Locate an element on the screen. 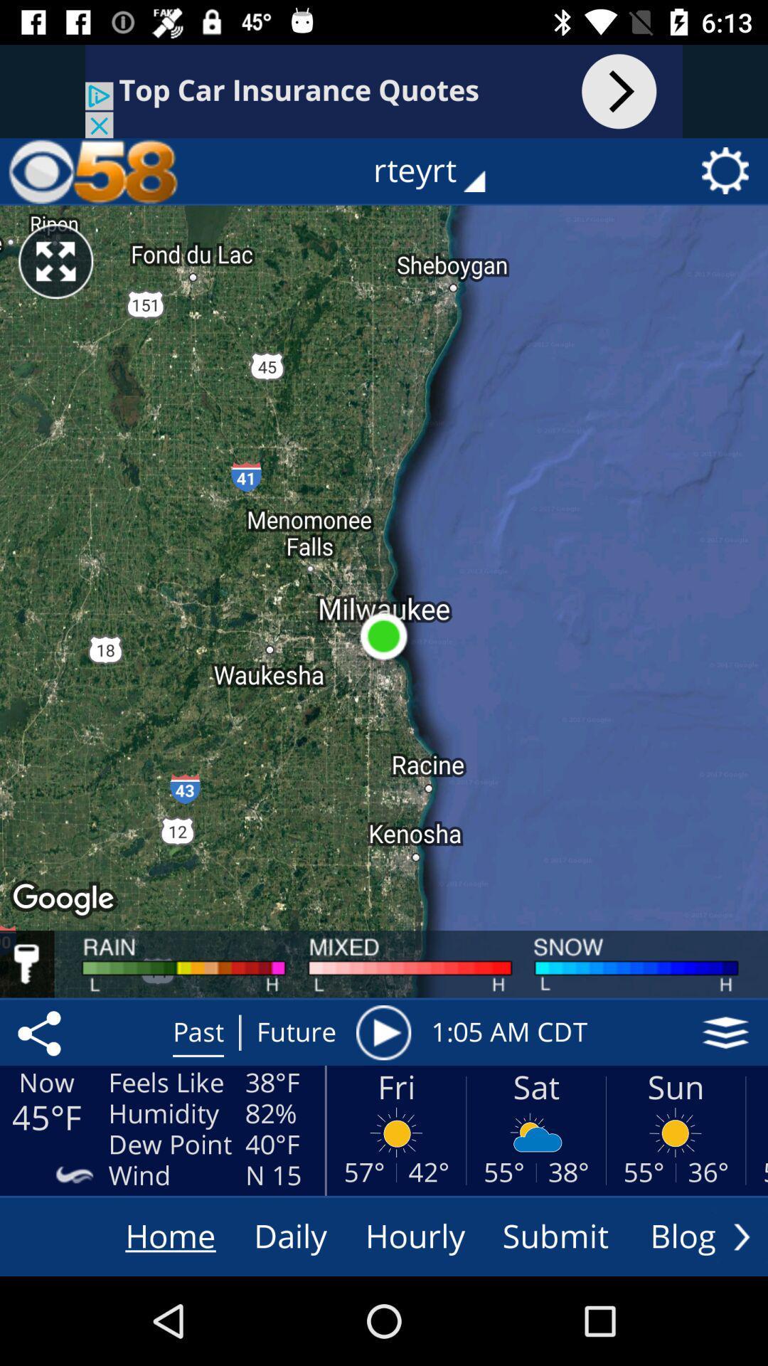  broadcast is located at coordinates (383, 1032).